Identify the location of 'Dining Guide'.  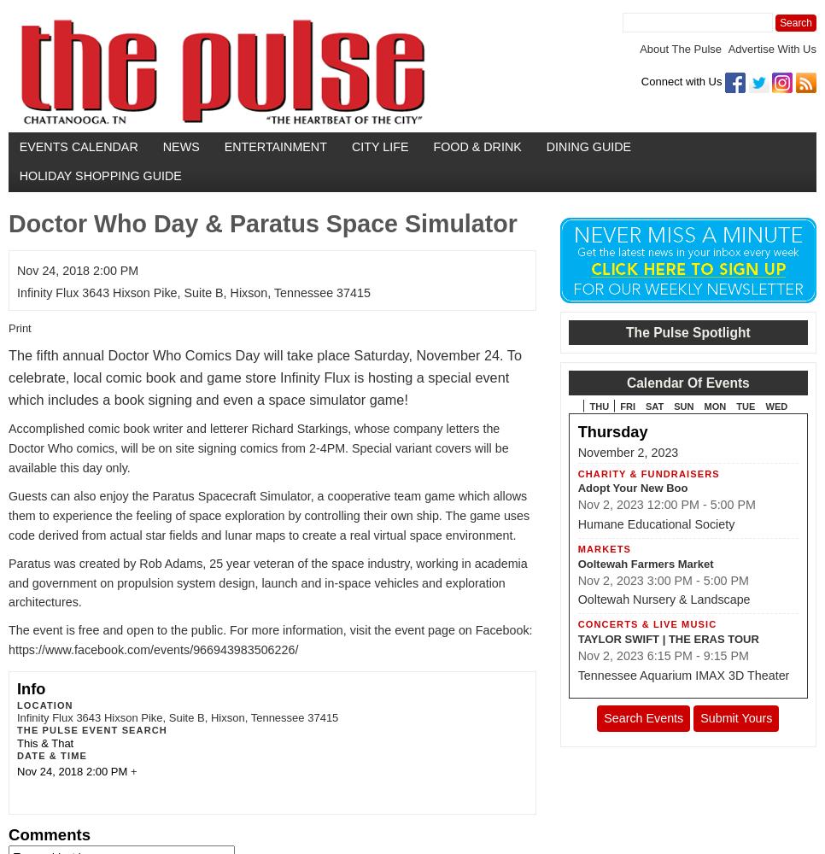
(588, 146).